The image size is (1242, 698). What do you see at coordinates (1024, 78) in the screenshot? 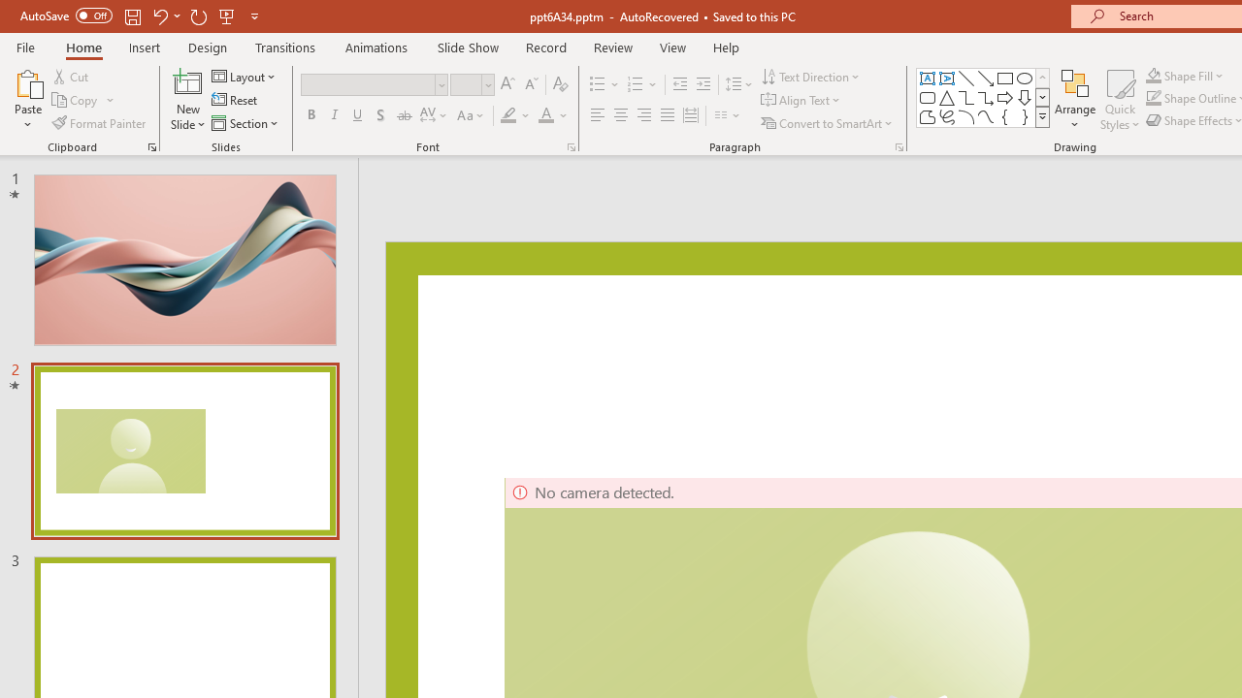
I see `'Oval'` at bounding box center [1024, 78].